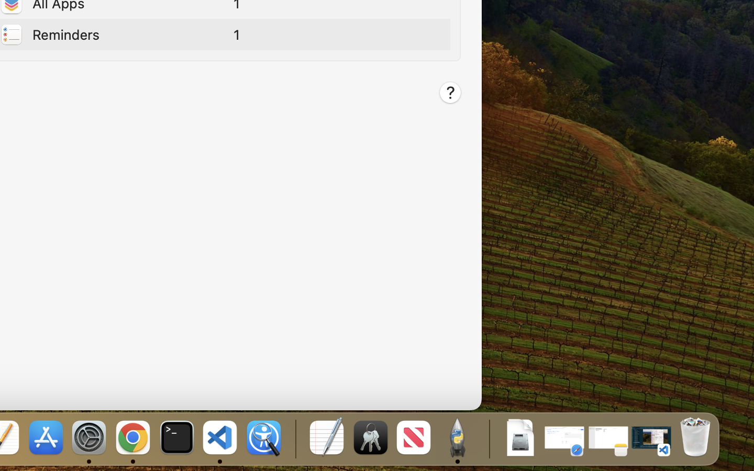 This screenshot has width=754, height=471. I want to click on '0.4285714328289032', so click(294, 438).